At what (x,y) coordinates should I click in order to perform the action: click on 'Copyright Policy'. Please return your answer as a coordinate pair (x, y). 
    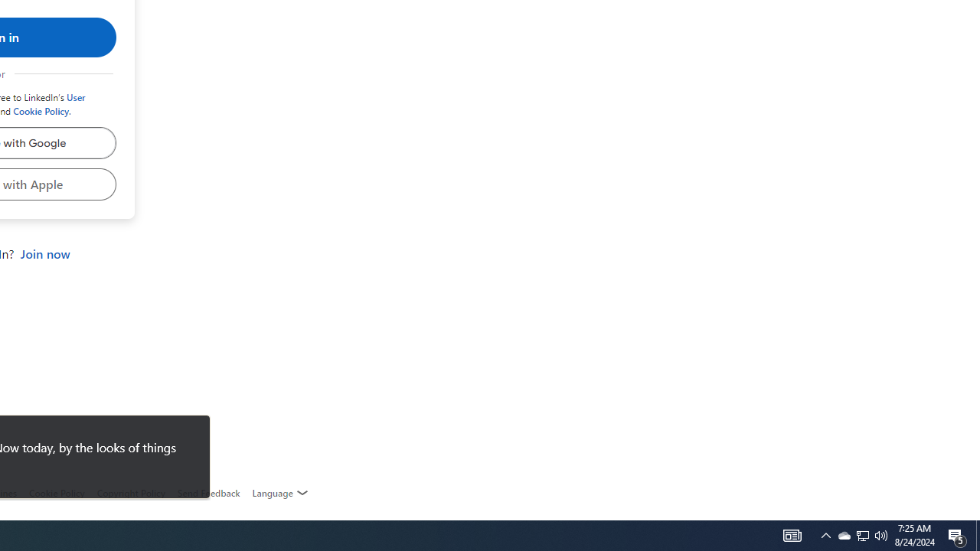
    Looking at the image, I should click on (130, 493).